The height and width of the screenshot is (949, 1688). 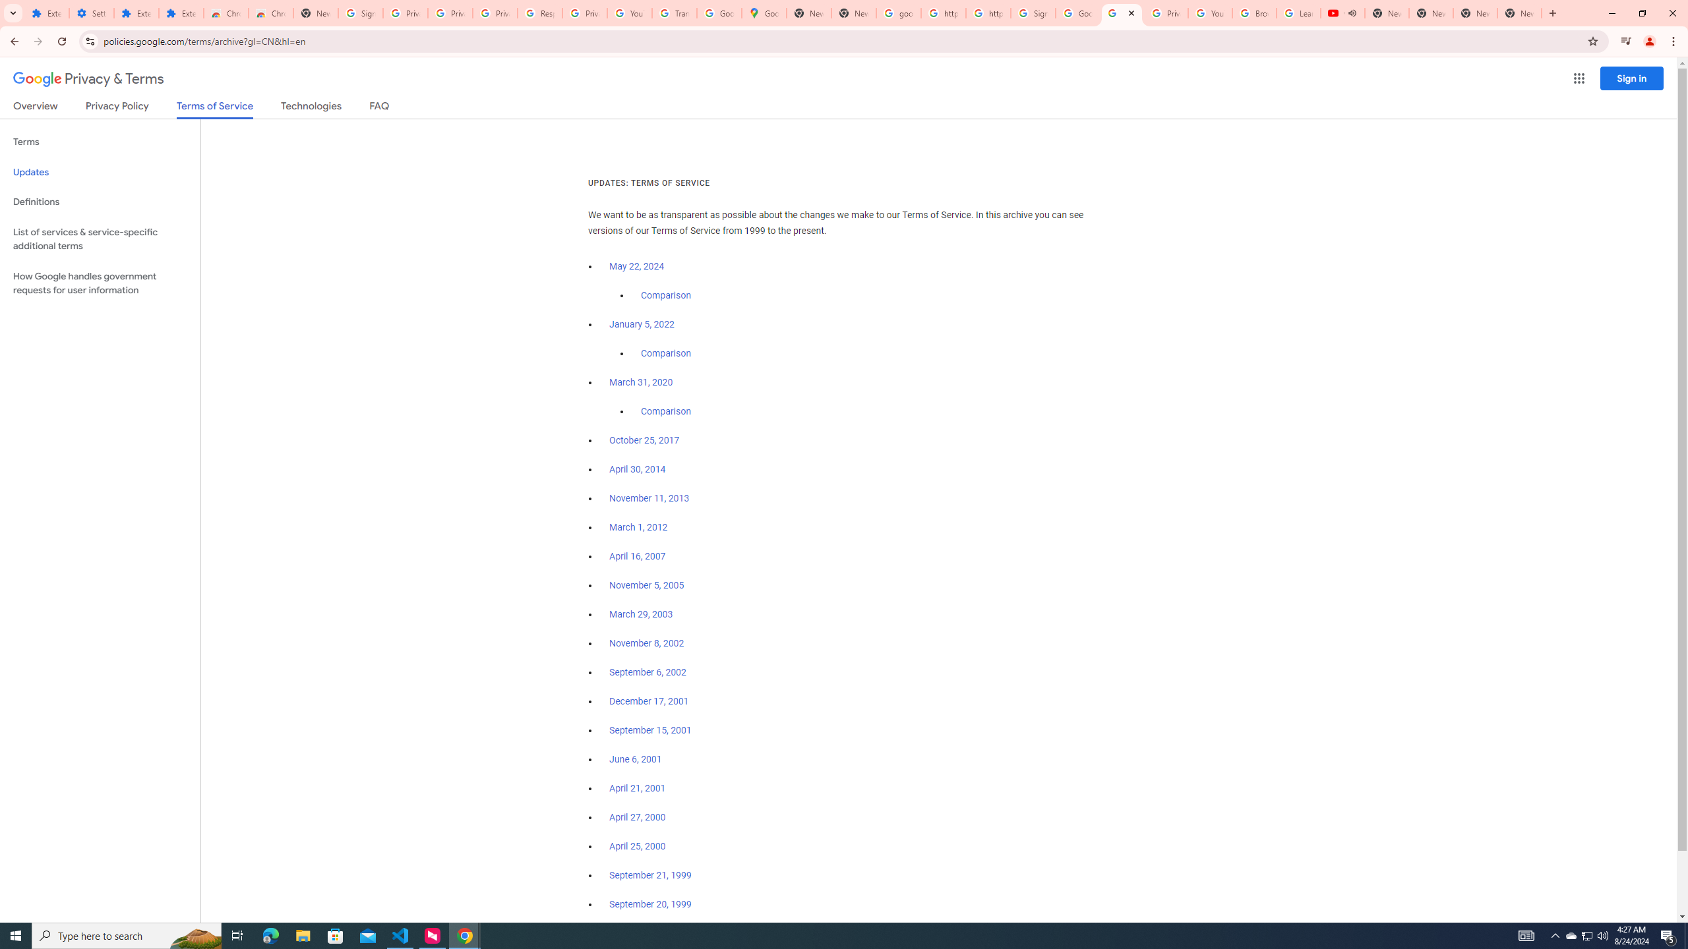 I want to click on 'Extensions', so click(x=181, y=13).